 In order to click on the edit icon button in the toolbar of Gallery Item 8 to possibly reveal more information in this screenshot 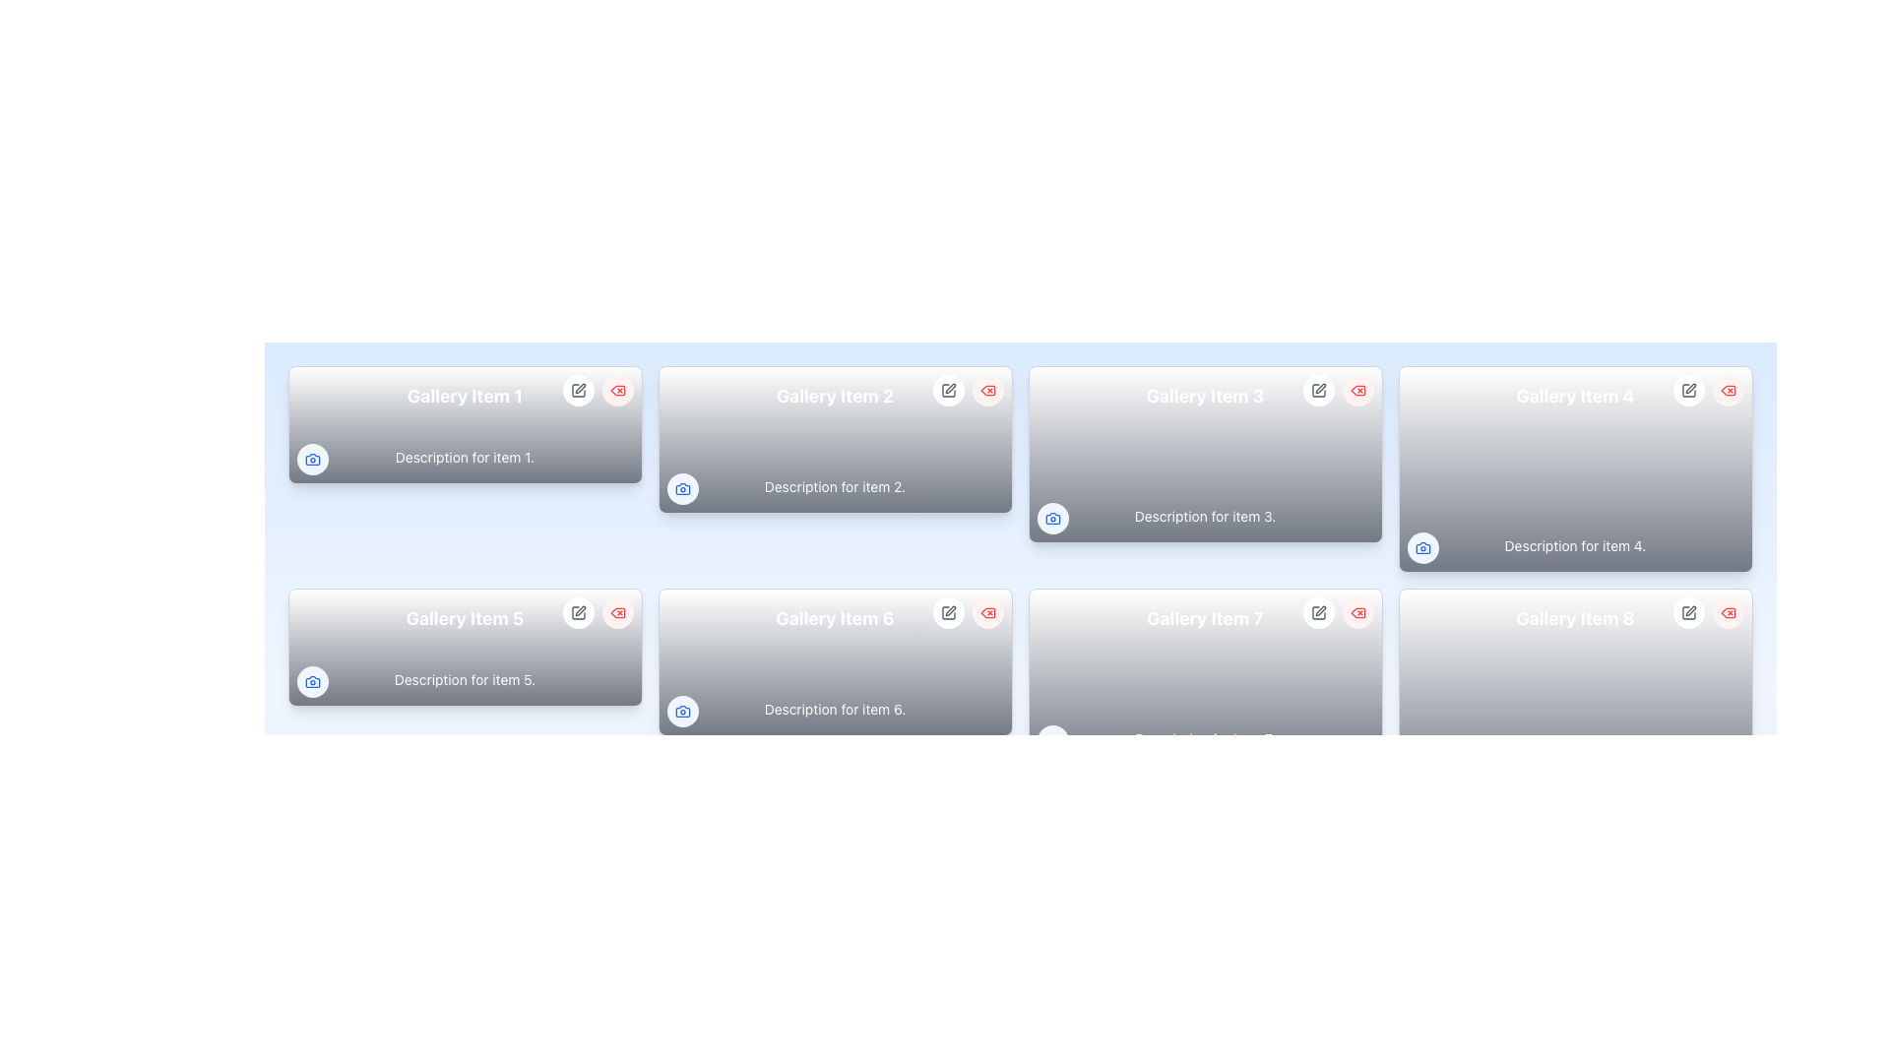, I will do `click(1687, 612)`.